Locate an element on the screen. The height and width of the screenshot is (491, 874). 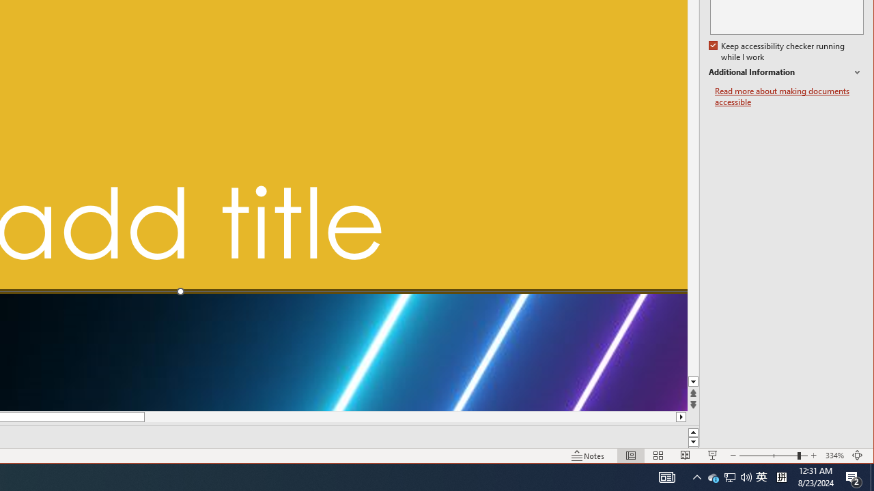
'Zoom 334%' is located at coordinates (834, 456).